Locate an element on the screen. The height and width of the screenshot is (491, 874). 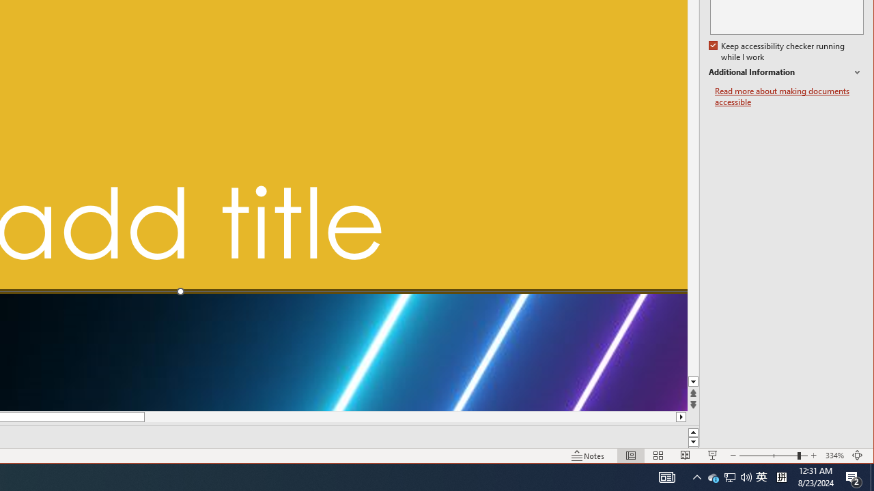
'Zoom 334%' is located at coordinates (834, 456).